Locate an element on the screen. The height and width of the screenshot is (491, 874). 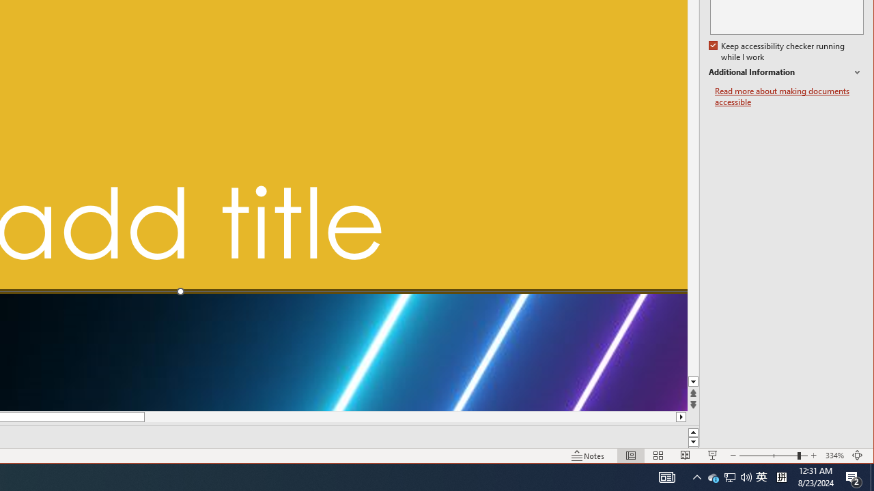
'Zoom 334%' is located at coordinates (834, 456).